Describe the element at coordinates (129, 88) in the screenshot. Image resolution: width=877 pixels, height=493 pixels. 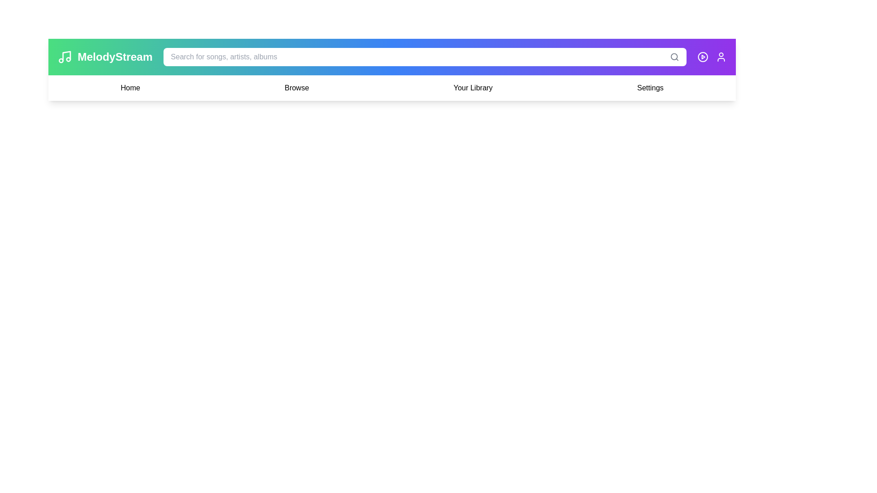
I see `the menu item Home from the navigation bar` at that location.